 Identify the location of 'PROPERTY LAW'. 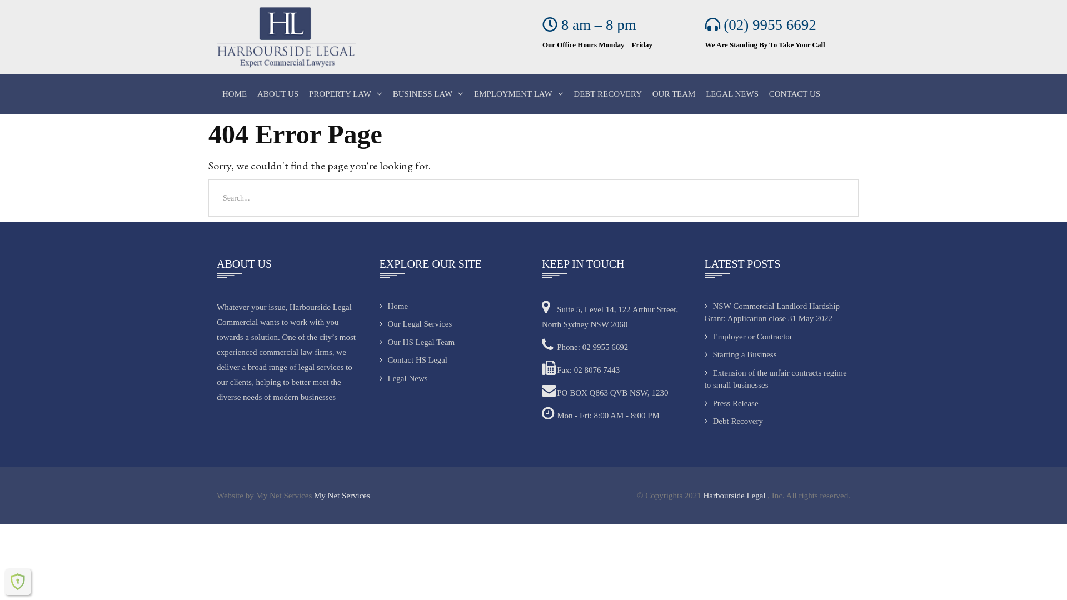
(303, 93).